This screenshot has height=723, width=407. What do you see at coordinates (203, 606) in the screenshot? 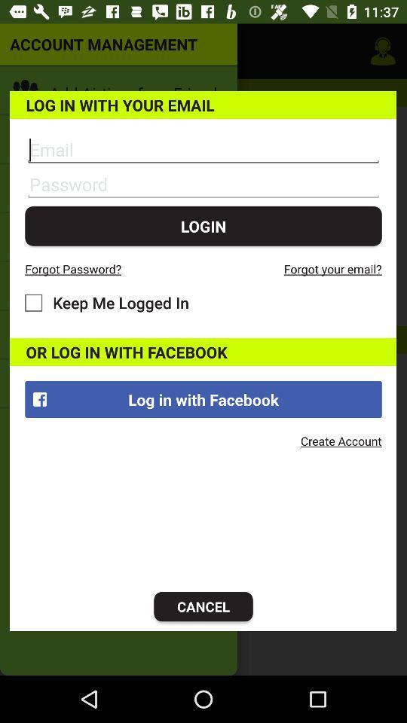
I see `the icon below log in with icon` at bounding box center [203, 606].